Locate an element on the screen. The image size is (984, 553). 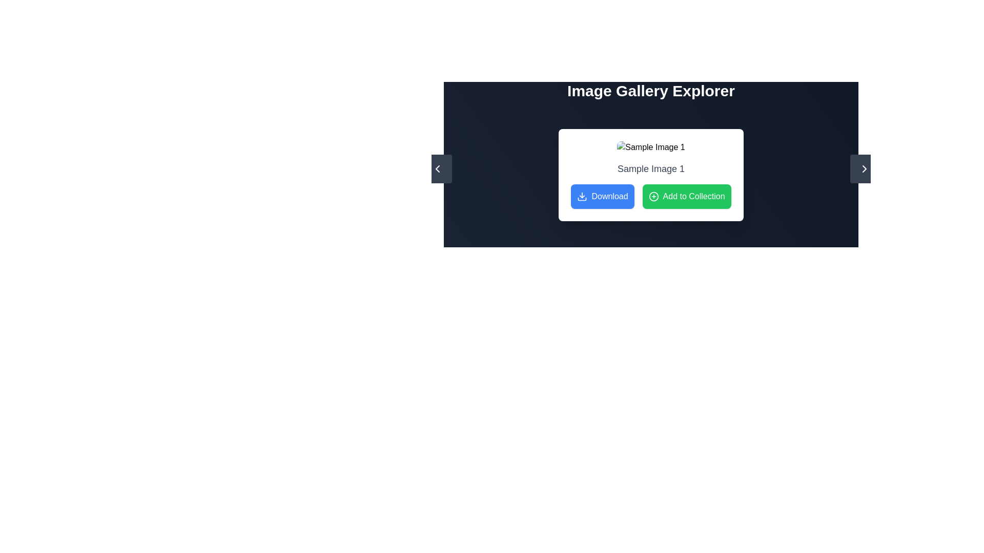
the dark-colored rectangular button with rounded corners and a left-facing chevron icon is located at coordinates (438, 168).